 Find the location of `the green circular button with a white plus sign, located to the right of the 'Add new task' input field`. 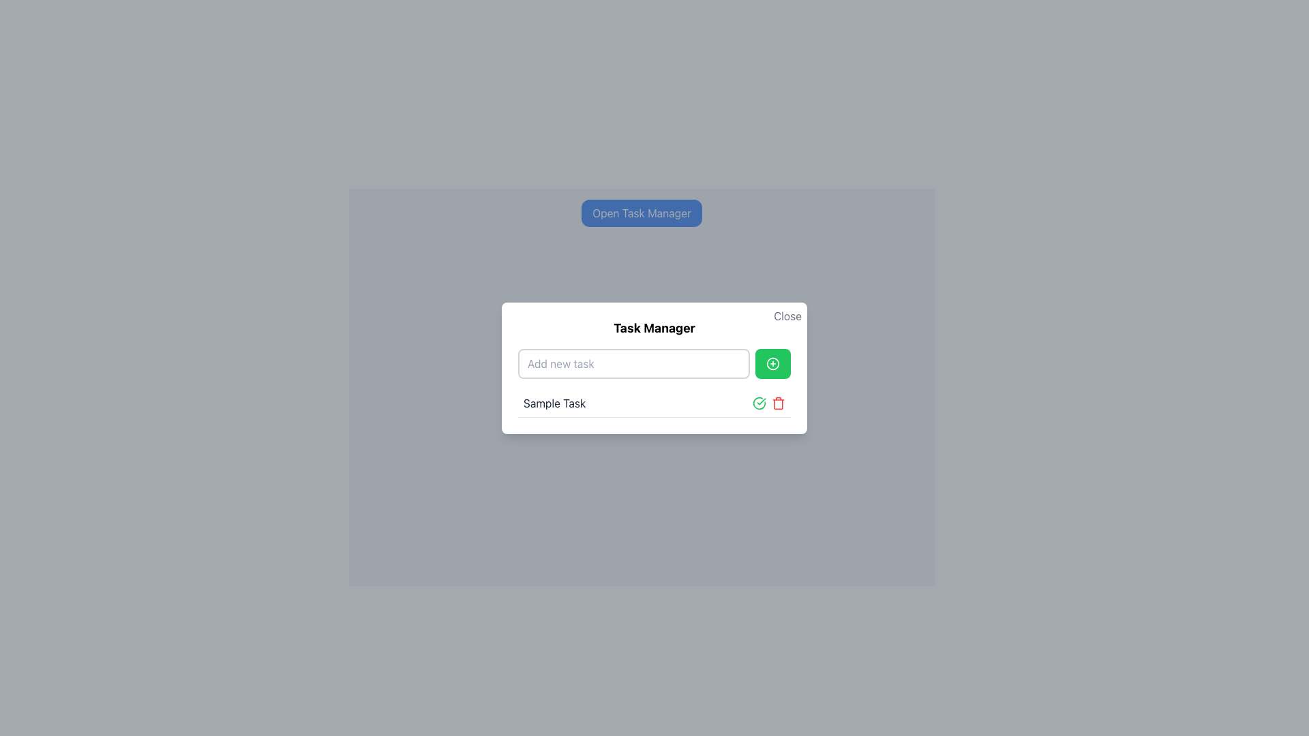

the green circular button with a white plus sign, located to the right of the 'Add new task' input field is located at coordinates (772, 363).